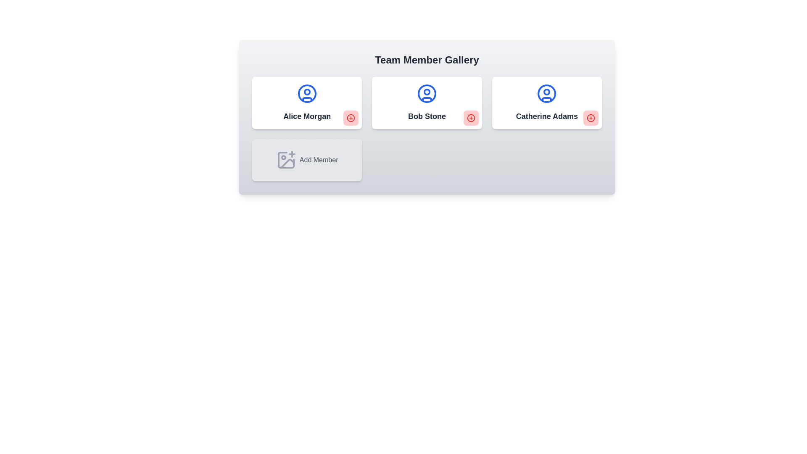 This screenshot has height=454, width=807. Describe the element at coordinates (547, 94) in the screenshot. I see `the outermost circle of the user icon in the 'Catherine Adams' card, which frames the inner elements of the icon` at that location.